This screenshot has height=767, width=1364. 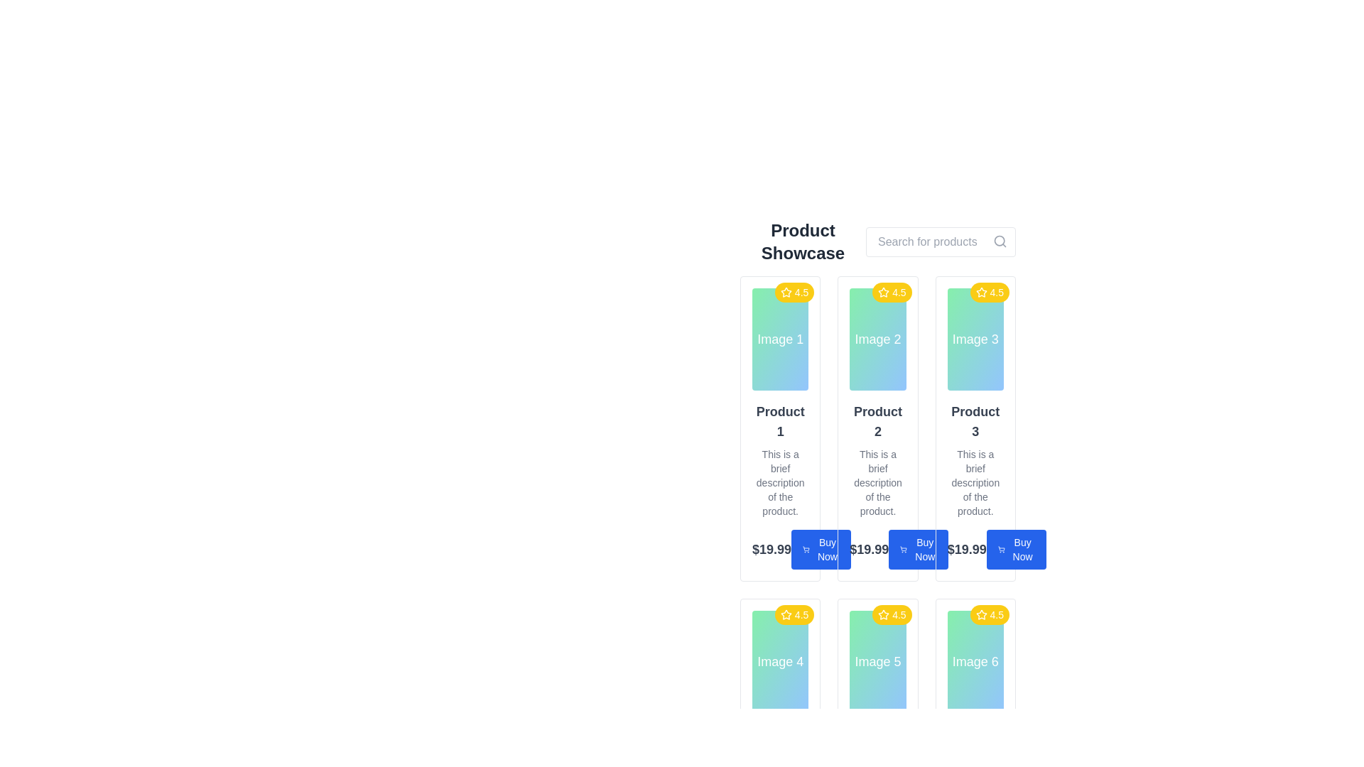 I want to click on the image placeholder for 'Product 3' located in the third column of the grid layout, so click(x=975, y=339).